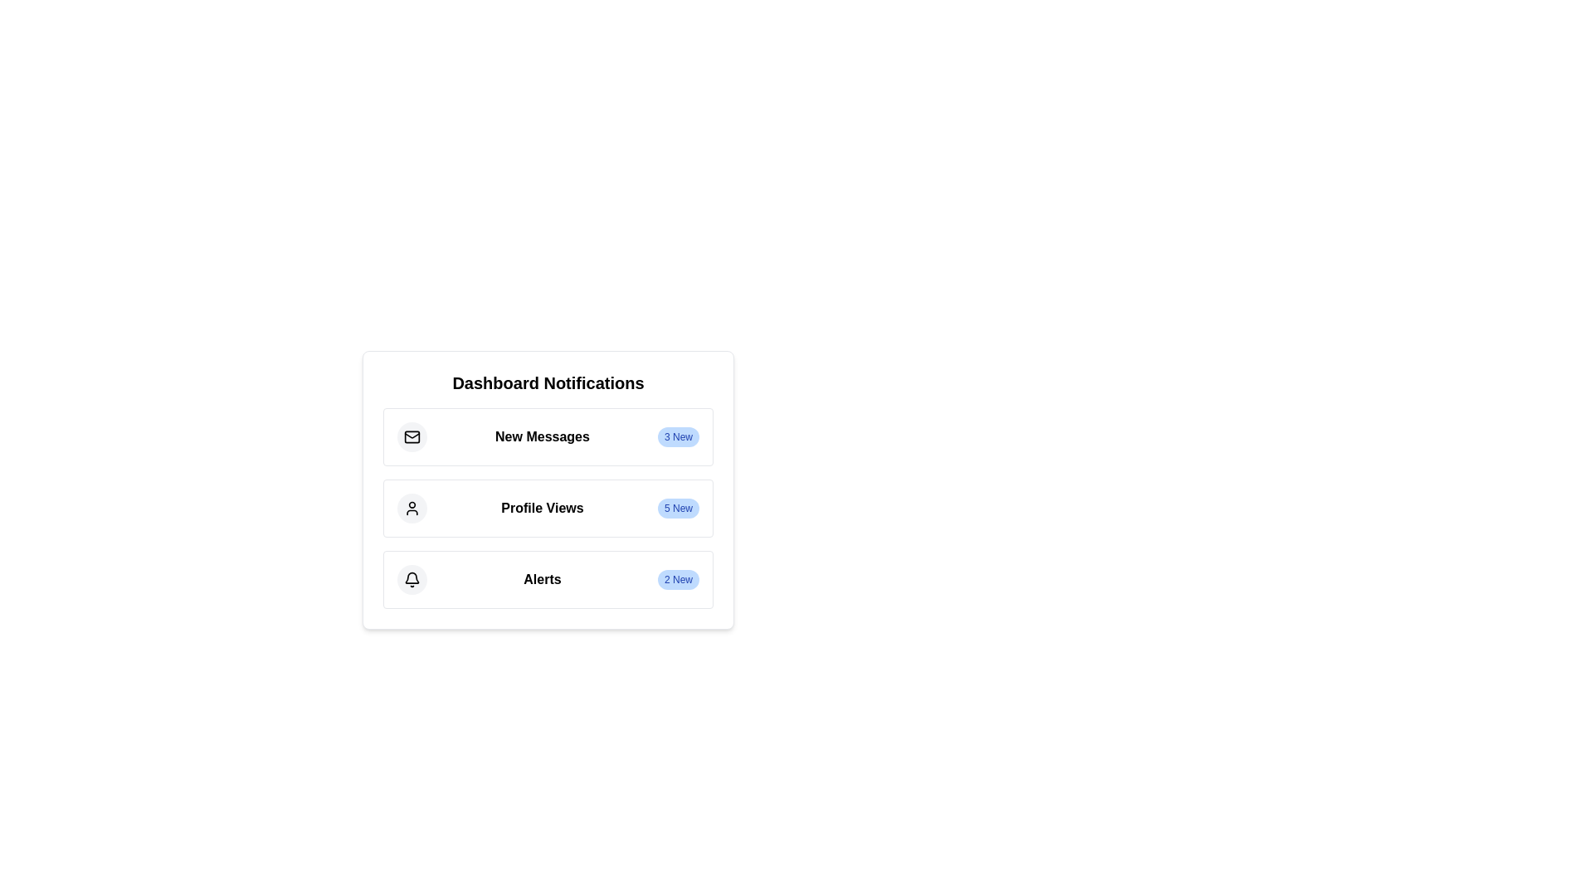 The width and height of the screenshot is (1593, 896). I want to click on the 'Alerts' Text Label, which is bold and positioned in the third row of a vertically stacked list, so click(542, 578).